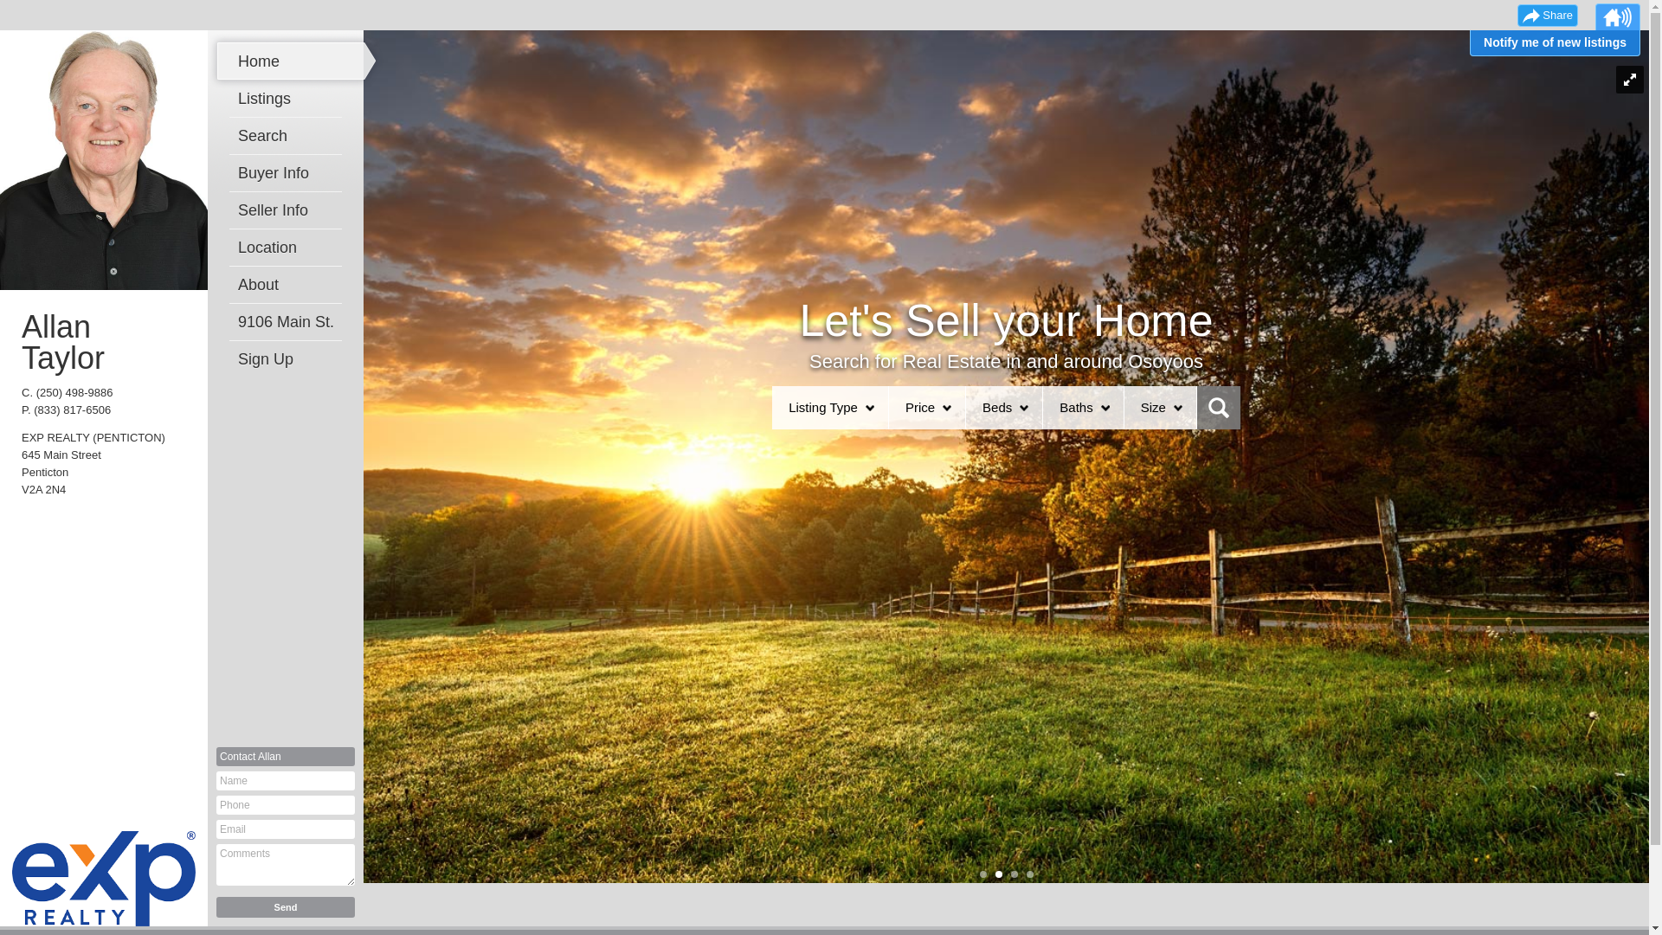 Image resolution: width=1662 pixels, height=935 pixels. Describe the element at coordinates (1153, 407) in the screenshot. I see `'Size'` at that location.